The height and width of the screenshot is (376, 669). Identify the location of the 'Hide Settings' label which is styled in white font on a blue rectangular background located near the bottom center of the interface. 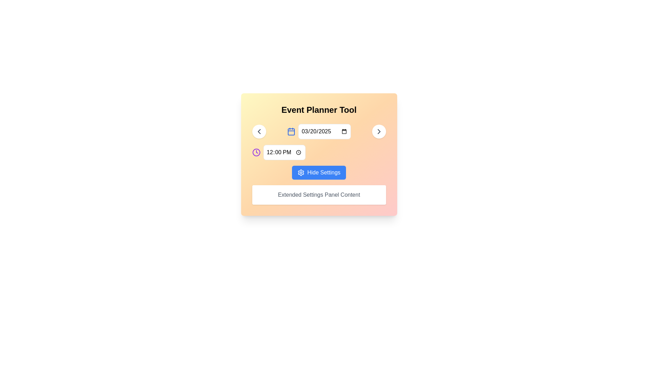
(323, 172).